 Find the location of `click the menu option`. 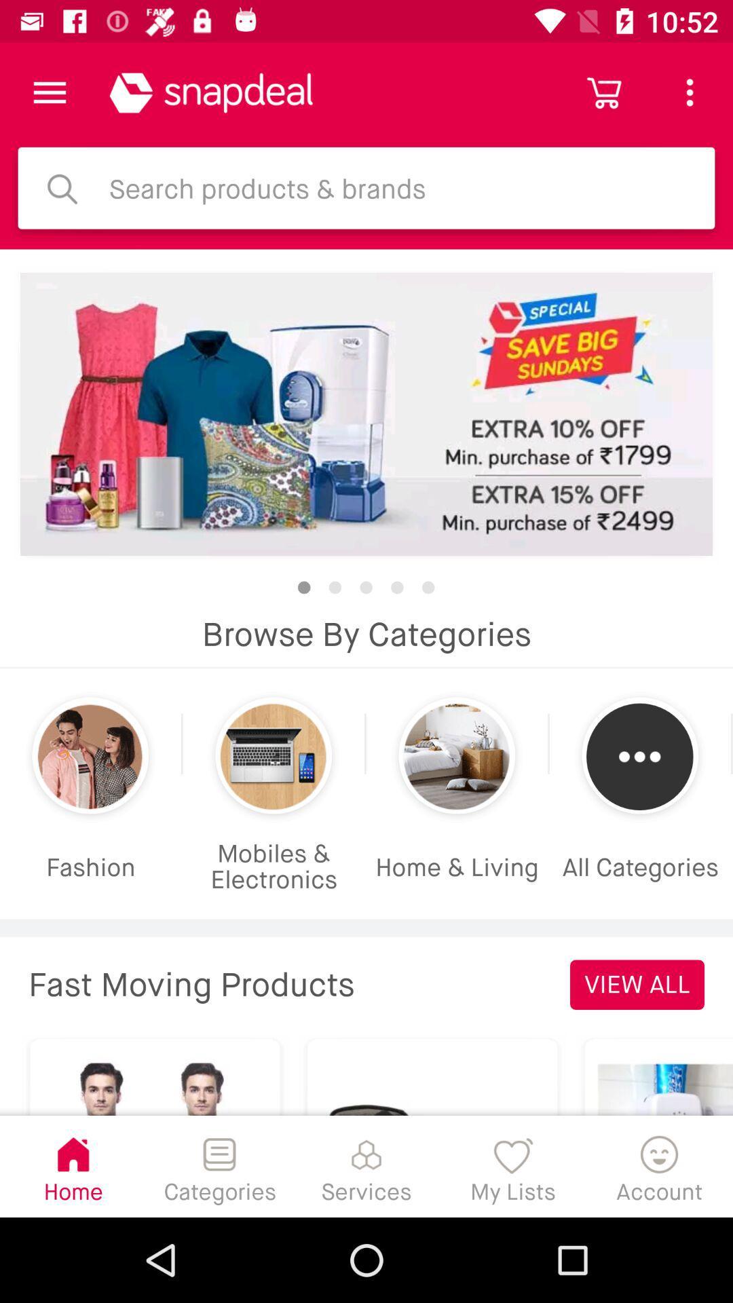

click the menu option is located at coordinates (49, 92).